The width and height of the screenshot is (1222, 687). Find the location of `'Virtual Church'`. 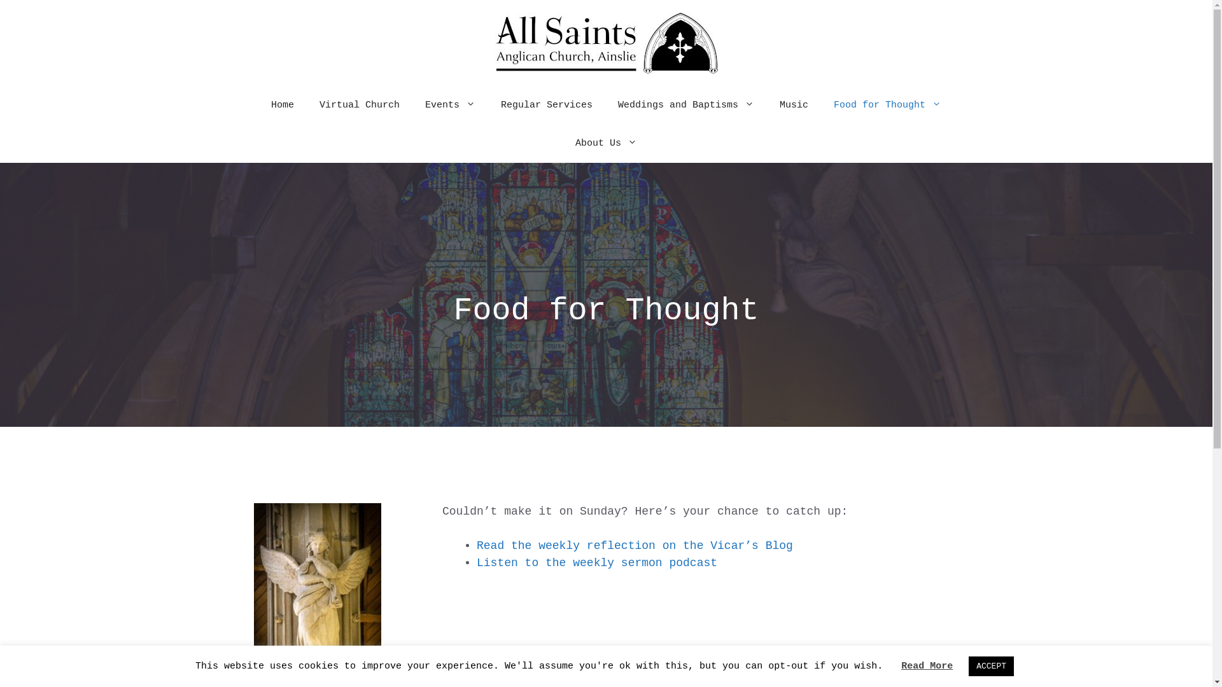

'Virtual Church' is located at coordinates (359, 104).